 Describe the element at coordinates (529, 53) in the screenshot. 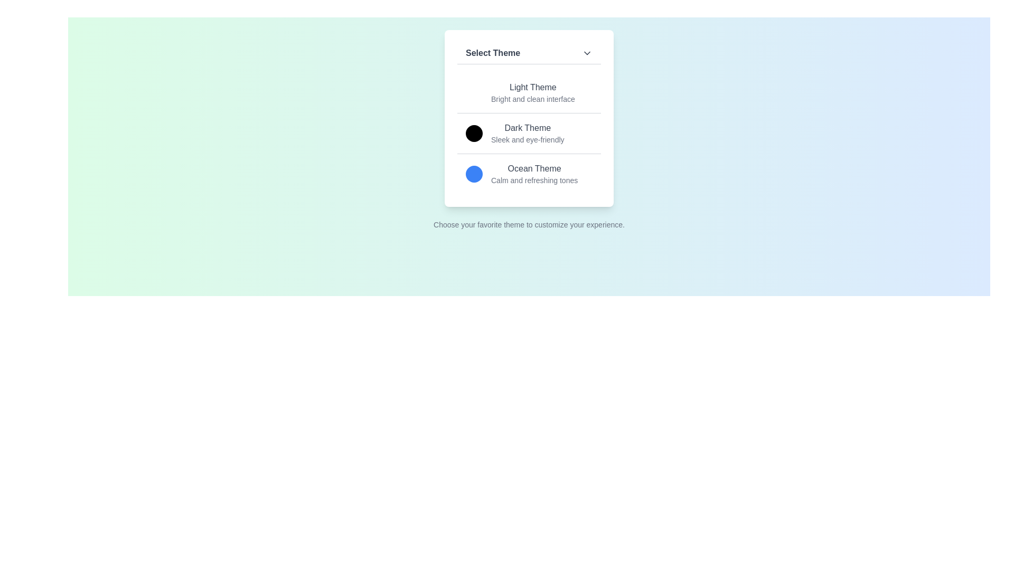

I see `'Select Theme' button to toggle the menu's state` at that location.